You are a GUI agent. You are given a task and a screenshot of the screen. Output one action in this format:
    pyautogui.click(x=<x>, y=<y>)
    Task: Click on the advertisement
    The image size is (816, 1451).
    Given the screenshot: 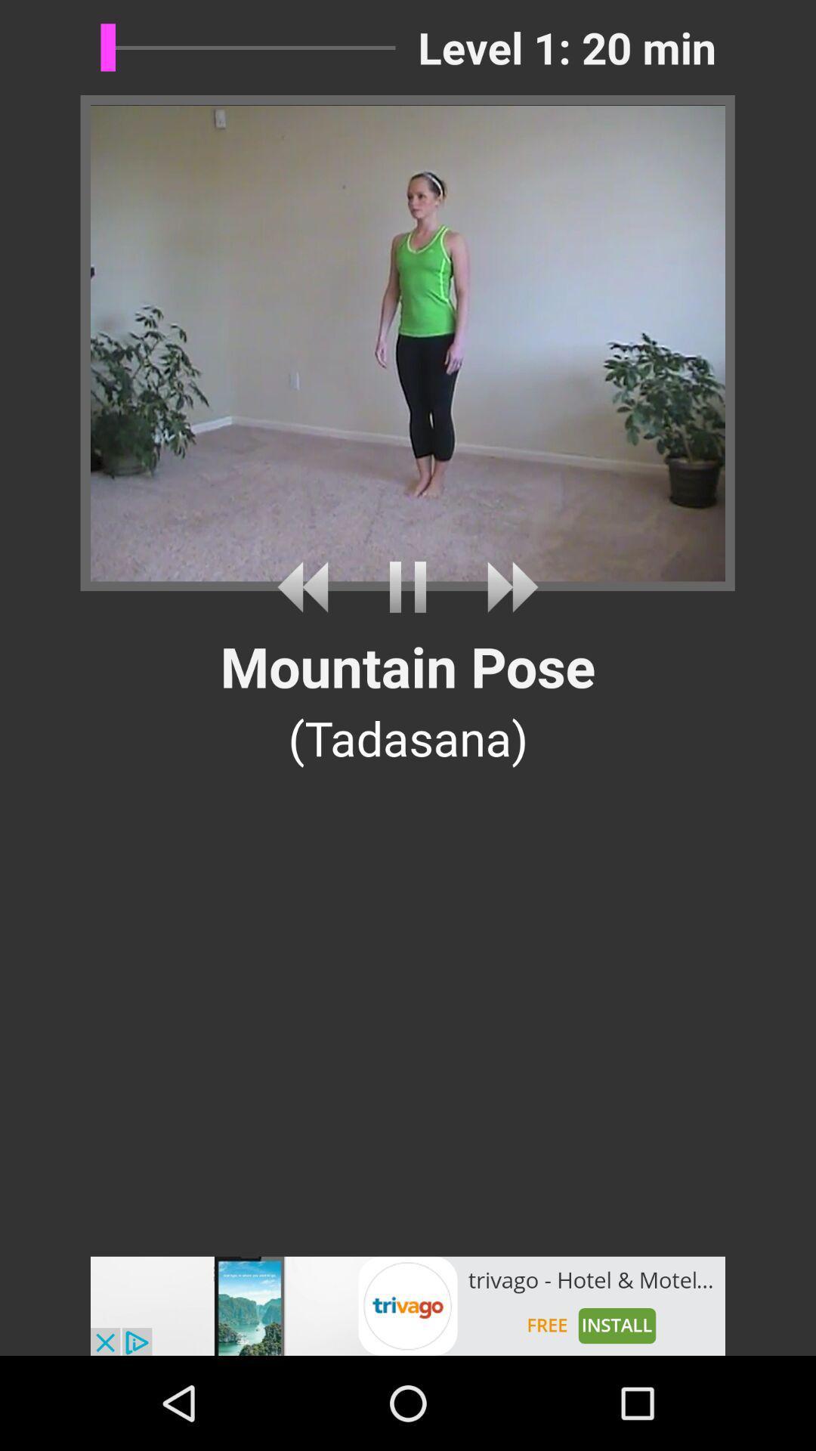 What is the action you would take?
    pyautogui.click(x=408, y=1305)
    